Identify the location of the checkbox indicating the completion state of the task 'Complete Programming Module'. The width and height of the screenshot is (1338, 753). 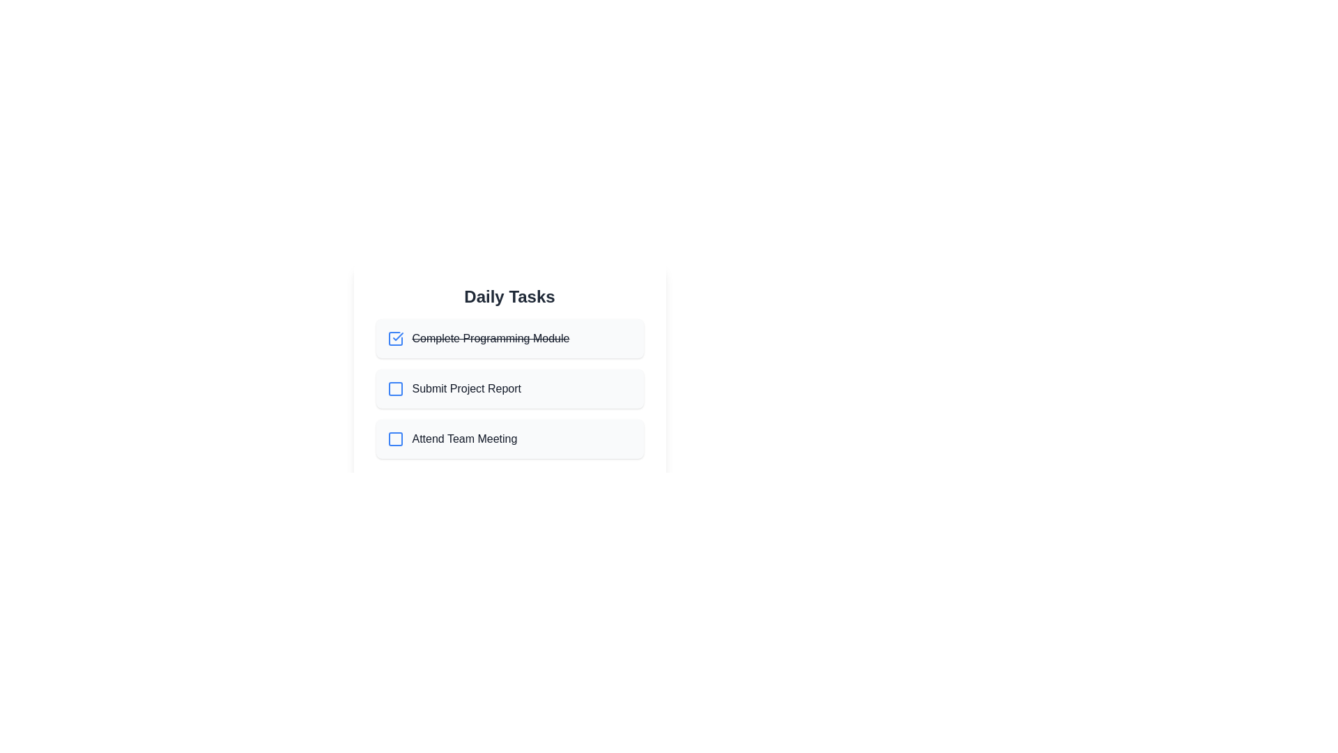
(394, 339).